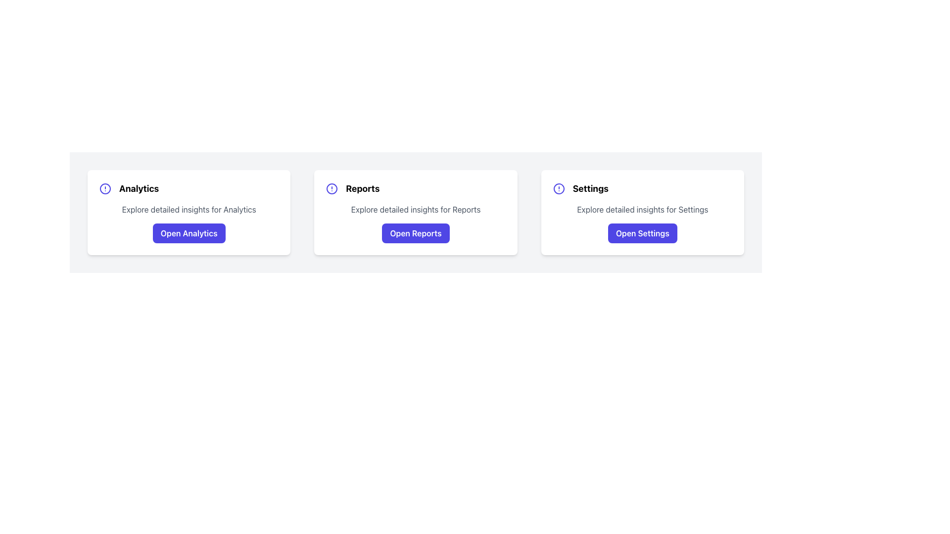  What do you see at coordinates (189, 209) in the screenshot?
I see `descriptive text element located in the middle card of the row, directly below the heading 'Analytics'` at bounding box center [189, 209].